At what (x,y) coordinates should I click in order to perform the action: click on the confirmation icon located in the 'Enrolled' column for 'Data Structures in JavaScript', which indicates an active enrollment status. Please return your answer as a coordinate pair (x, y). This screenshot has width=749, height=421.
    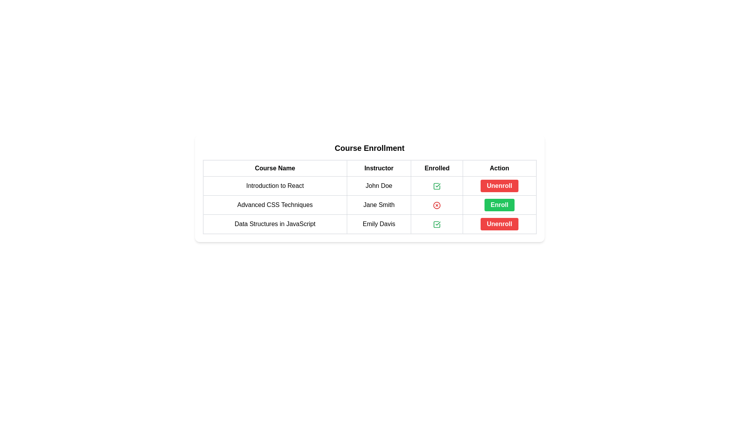
    Looking at the image, I should click on (437, 186).